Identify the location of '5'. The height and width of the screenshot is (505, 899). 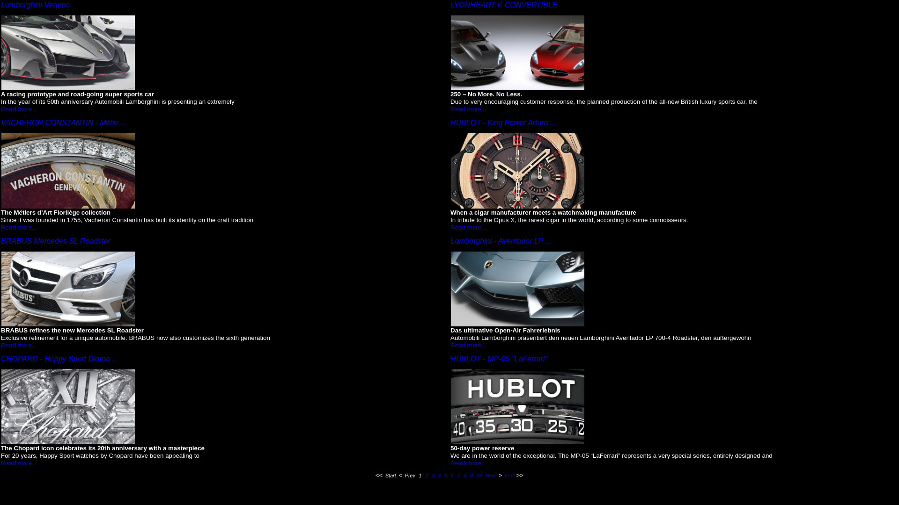
(445, 476).